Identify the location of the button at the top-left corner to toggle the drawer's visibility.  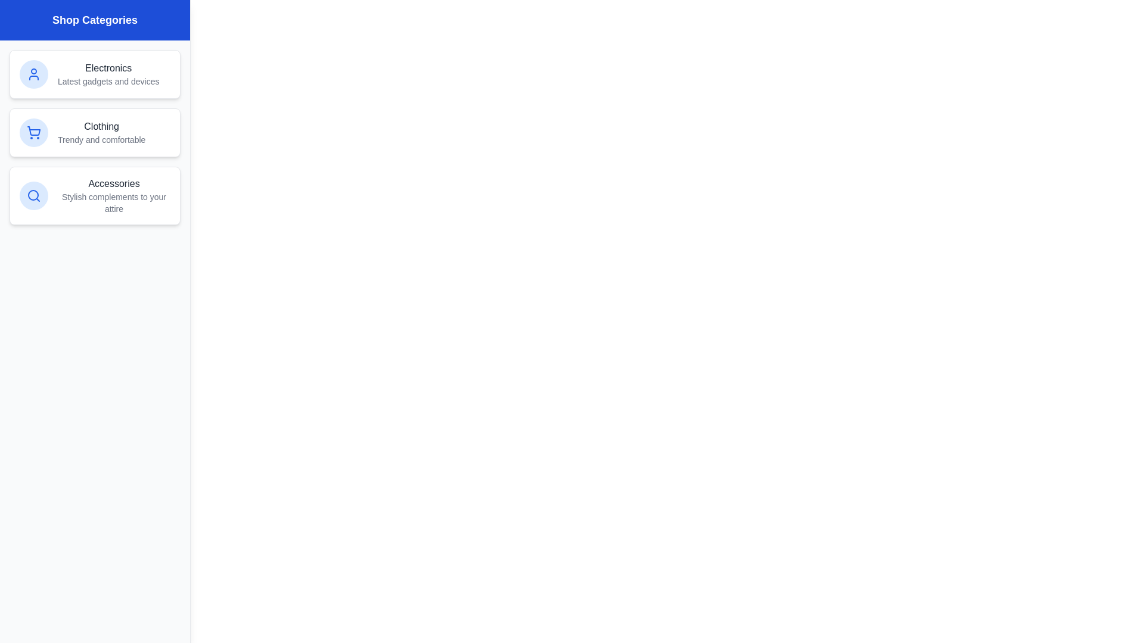
(26, 26).